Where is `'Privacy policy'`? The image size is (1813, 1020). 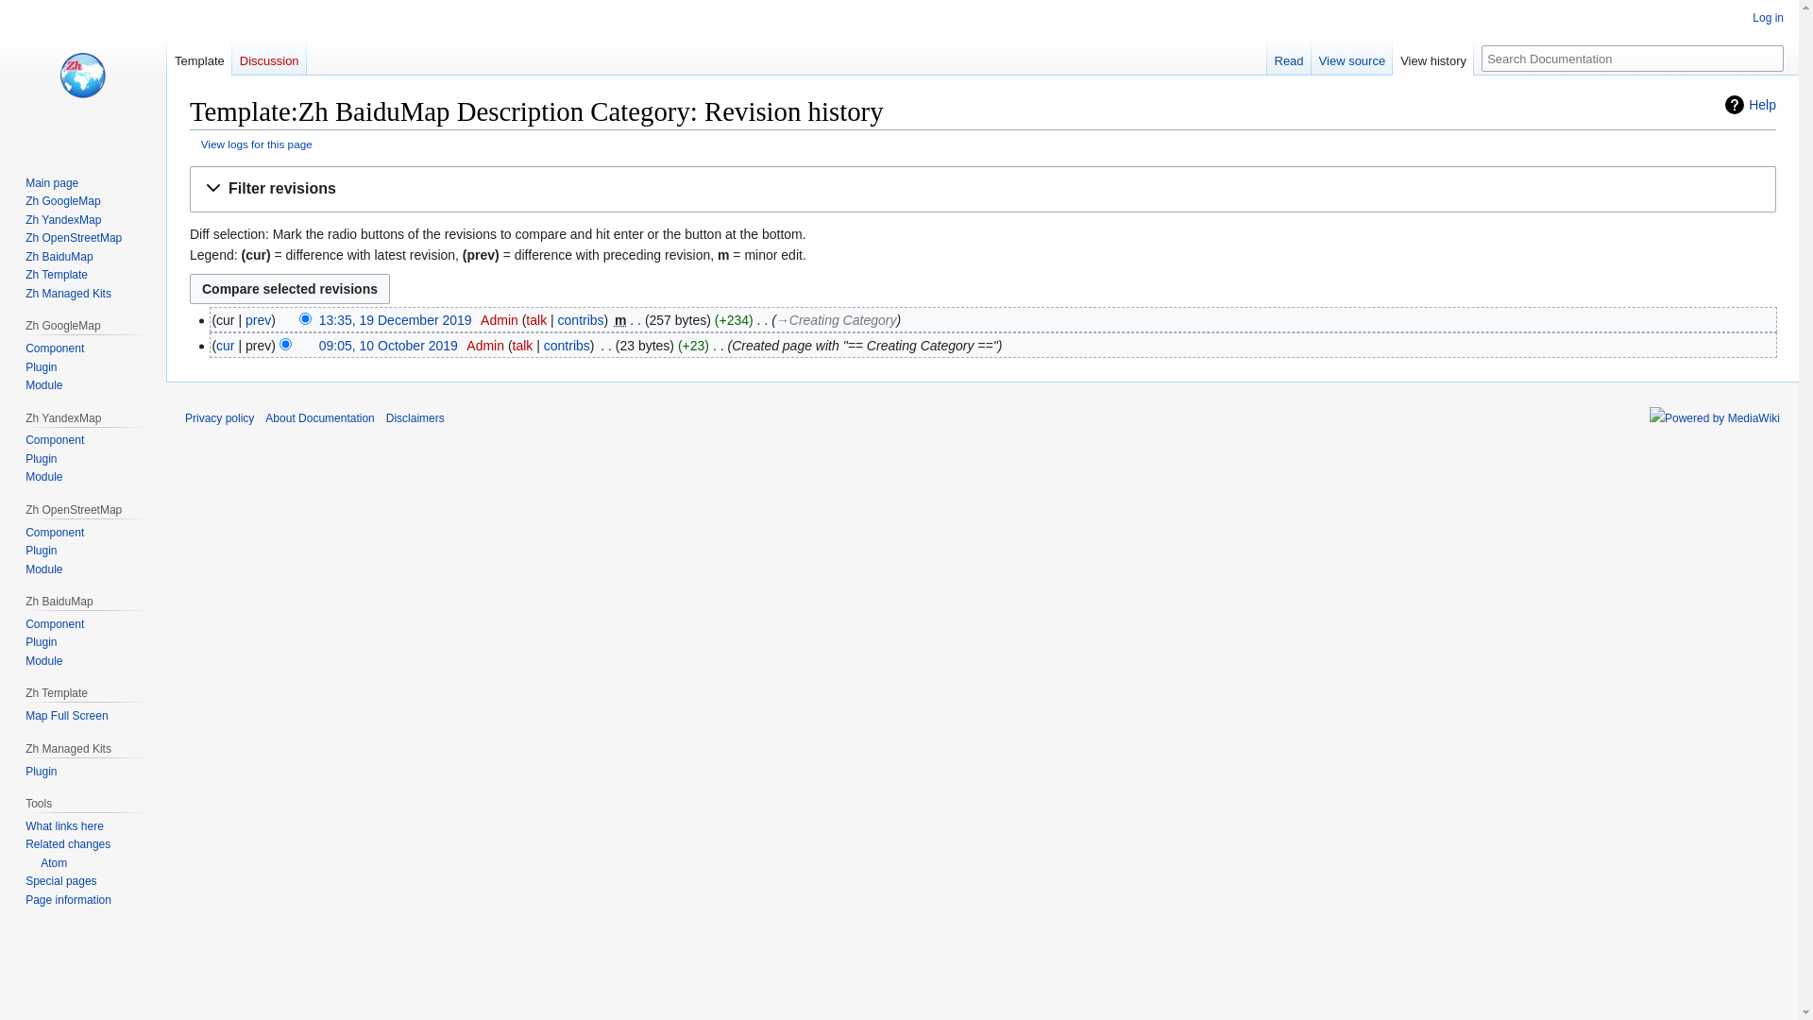 'Privacy policy' is located at coordinates (219, 417).